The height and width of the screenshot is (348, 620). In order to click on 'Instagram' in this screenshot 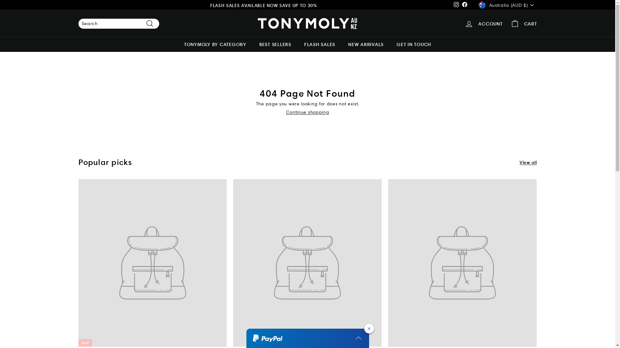, I will do `click(456, 5)`.